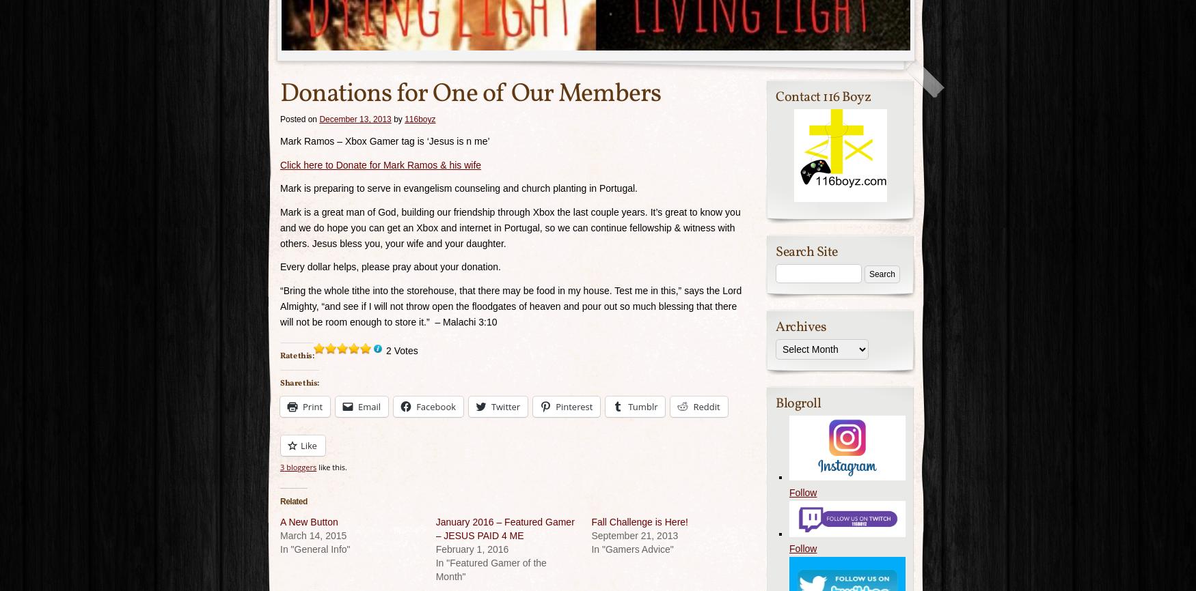 This screenshot has width=1196, height=591. I want to click on 'Search Site', so click(775, 251).